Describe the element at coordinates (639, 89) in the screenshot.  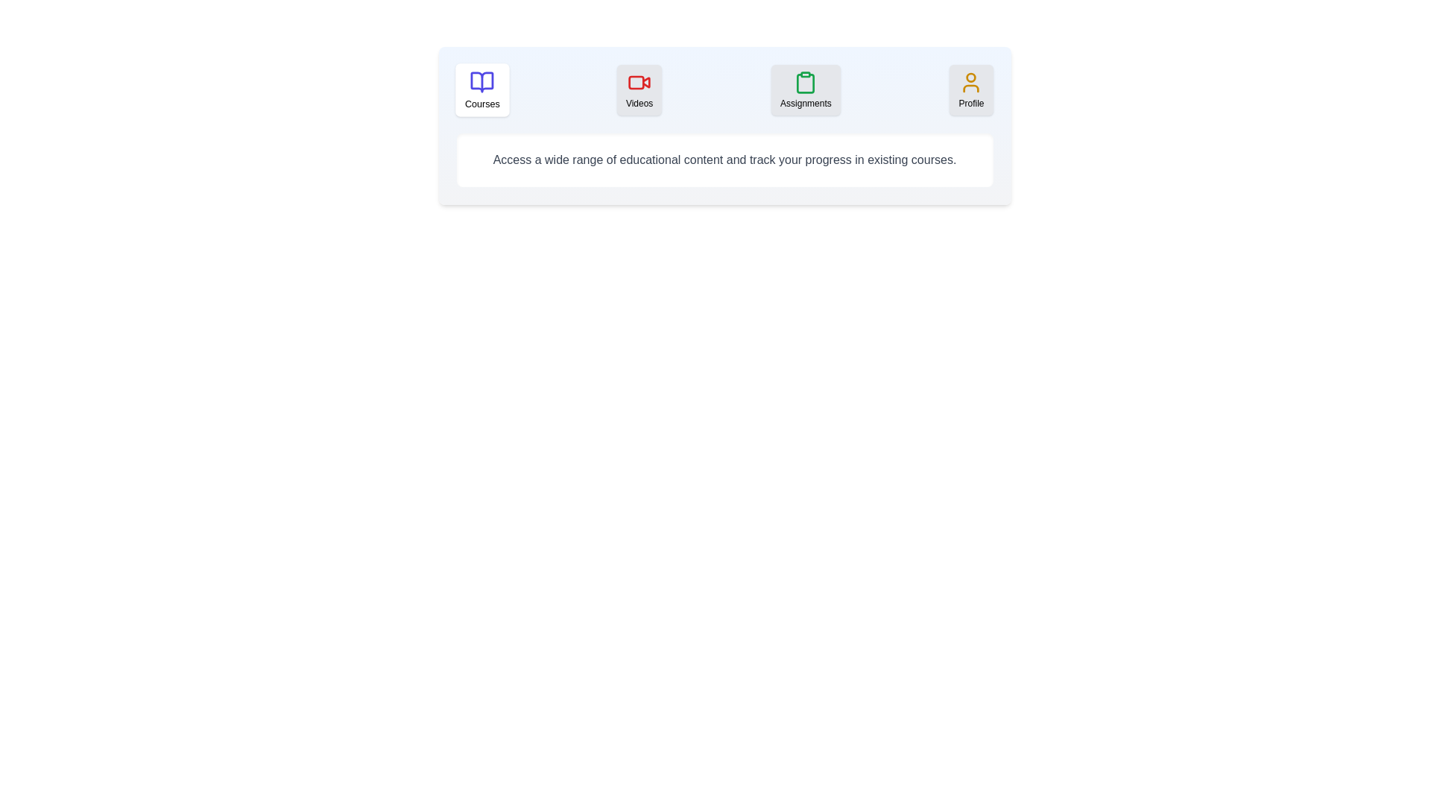
I see `the tab labeled Videos to observe its hover effect` at that location.